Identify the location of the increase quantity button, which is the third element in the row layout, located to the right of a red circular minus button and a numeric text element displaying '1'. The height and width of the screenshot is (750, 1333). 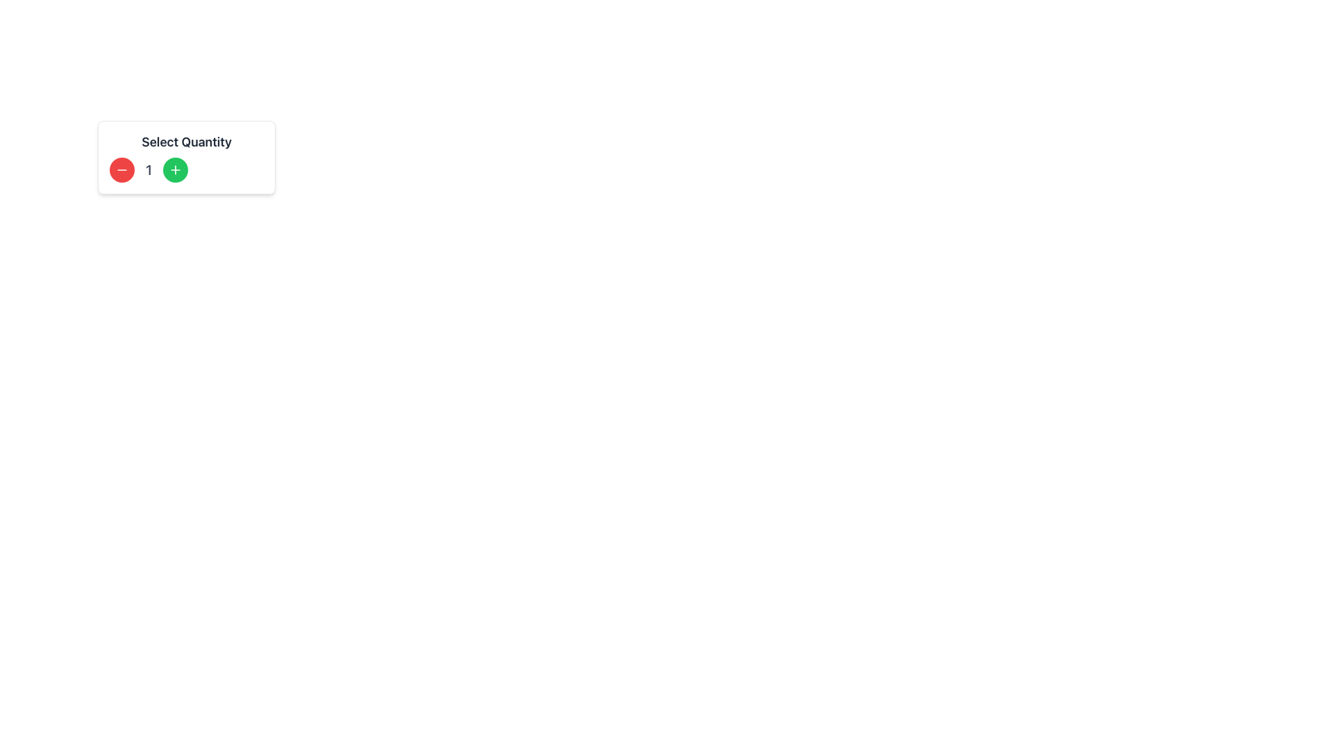
(175, 169).